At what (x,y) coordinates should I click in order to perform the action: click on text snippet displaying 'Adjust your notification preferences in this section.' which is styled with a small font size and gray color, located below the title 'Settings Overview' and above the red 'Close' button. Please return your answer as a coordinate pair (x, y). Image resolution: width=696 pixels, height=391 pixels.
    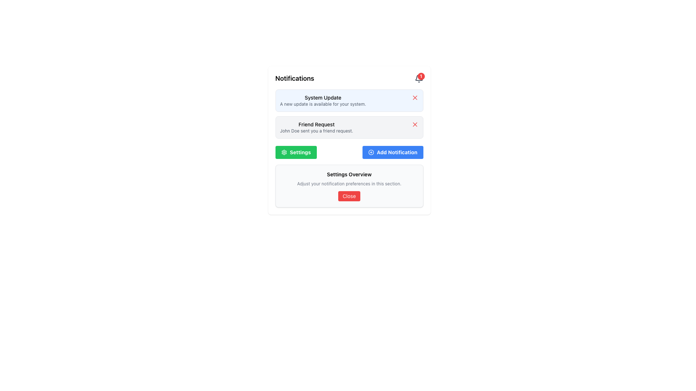
    Looking at the image, I should click on (349, 184).